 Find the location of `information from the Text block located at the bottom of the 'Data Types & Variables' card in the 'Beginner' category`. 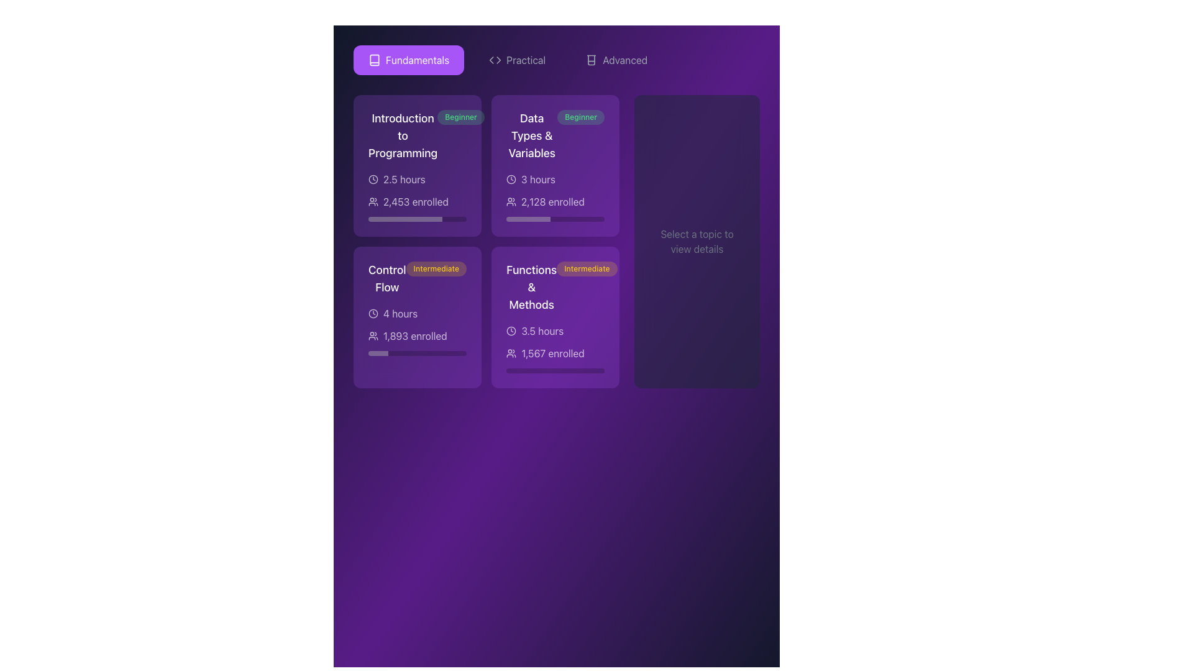

information from the Text block located at the bottom of the 'Data Types & Variables' card in the 'Beginner' category is located at coordinates (554, 196).